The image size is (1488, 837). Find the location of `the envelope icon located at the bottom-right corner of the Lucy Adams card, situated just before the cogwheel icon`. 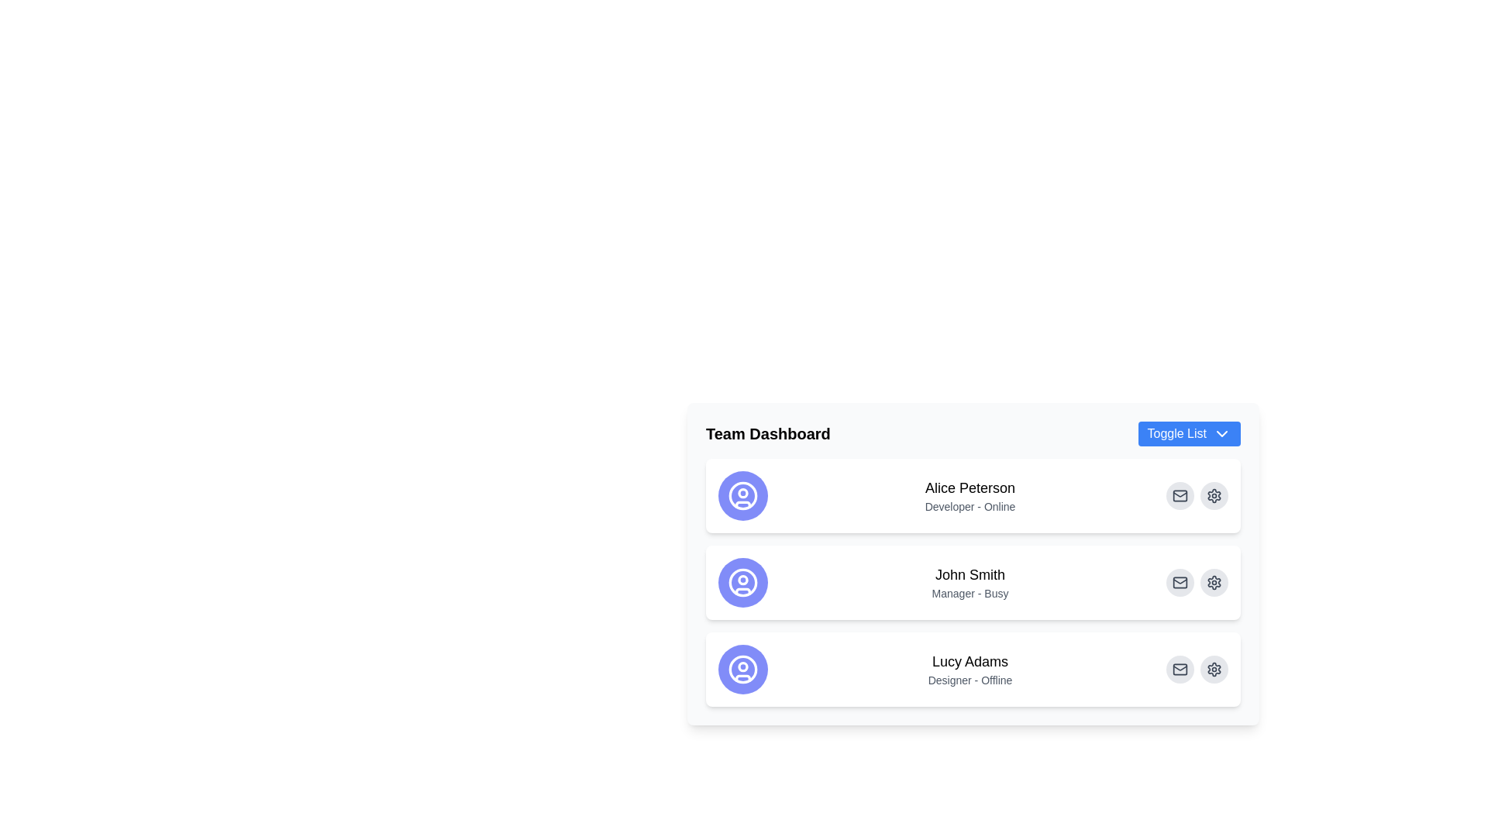

the envelope icon located at the bottom-right corner of the Lucy Adams card, situated just before the cogwheel icon is located at coordinates (1179, 669).